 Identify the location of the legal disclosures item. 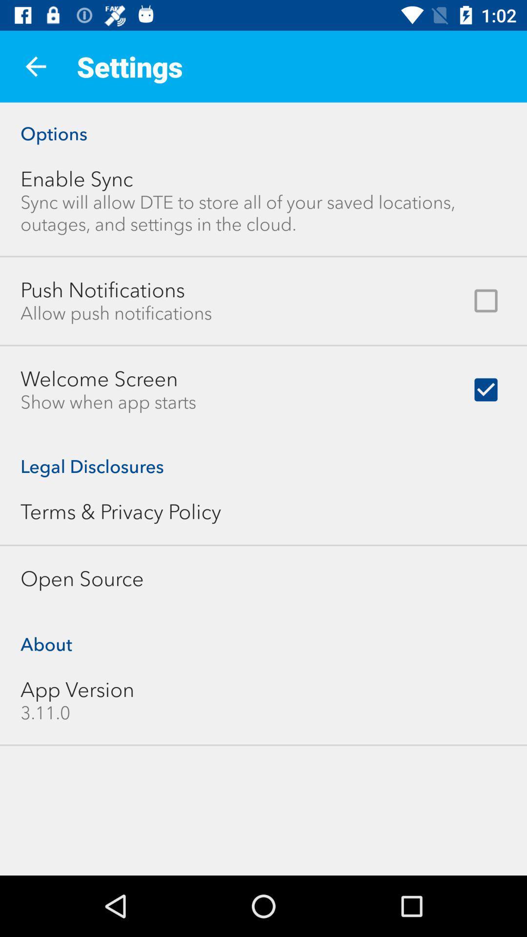
(263, 456).